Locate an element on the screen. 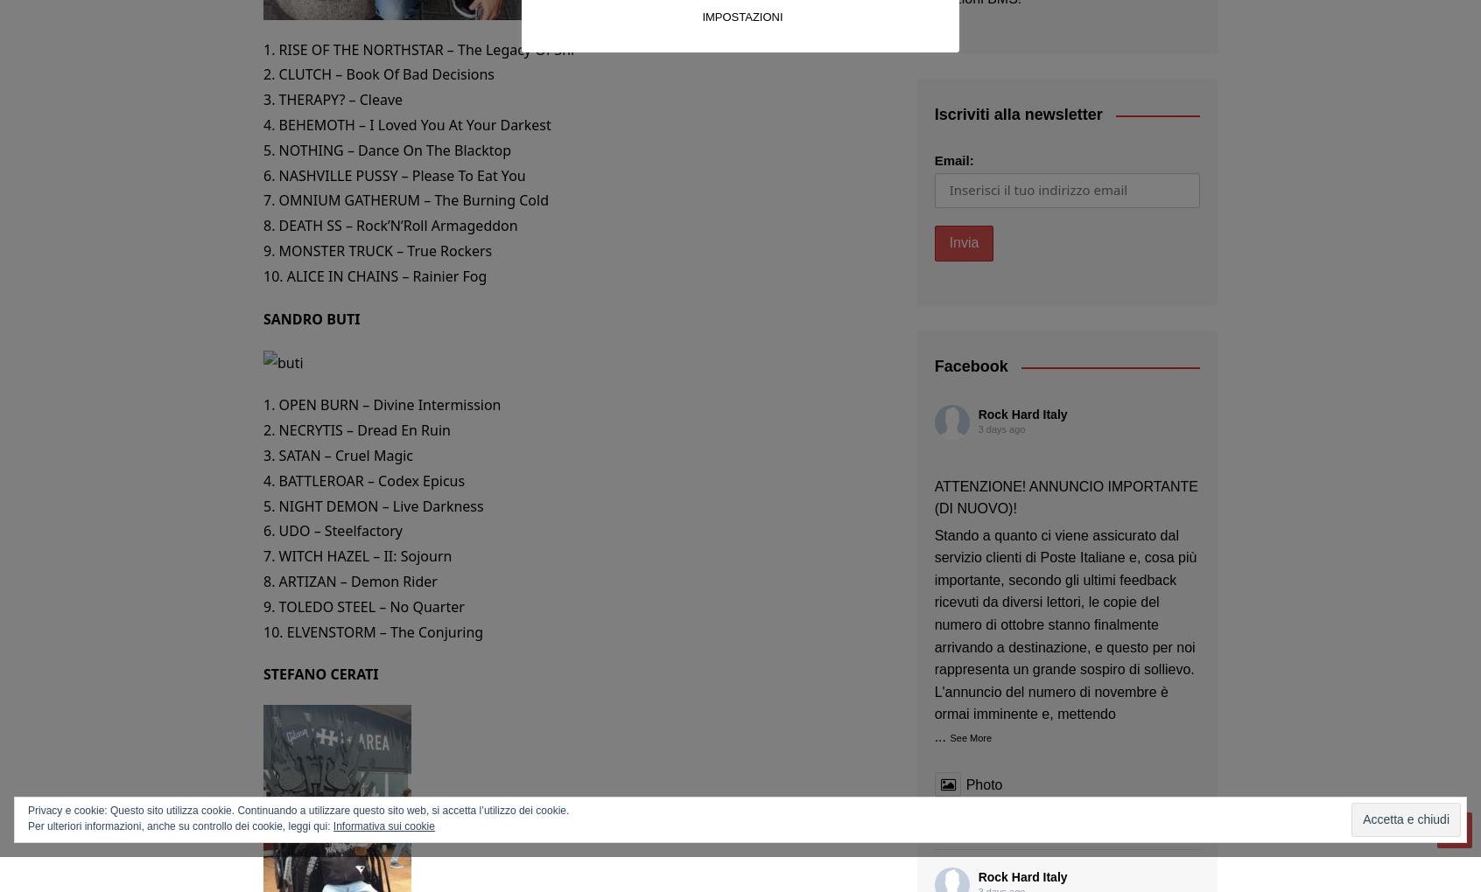  '9. MONSTER TRUCK – True Rockers' is located at coordinates (263, 249).